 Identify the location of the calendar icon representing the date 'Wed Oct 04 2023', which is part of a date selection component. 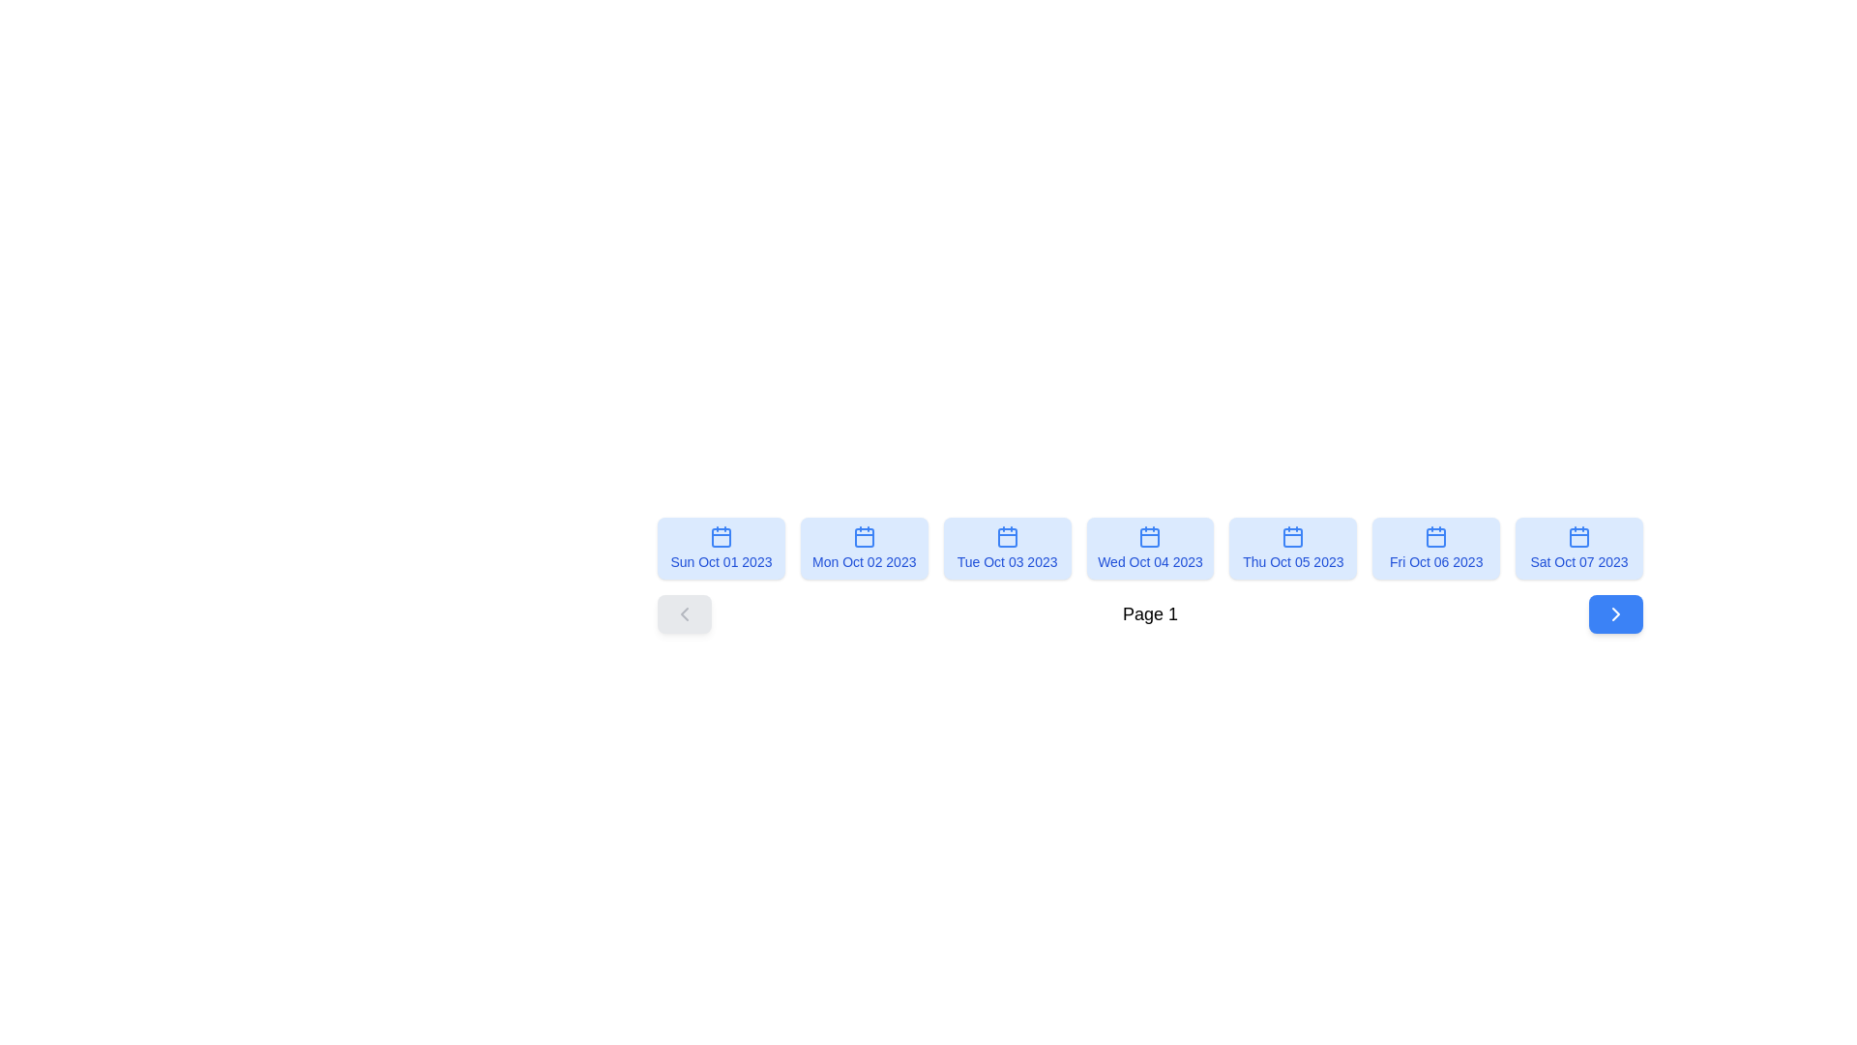
(1150, 537).